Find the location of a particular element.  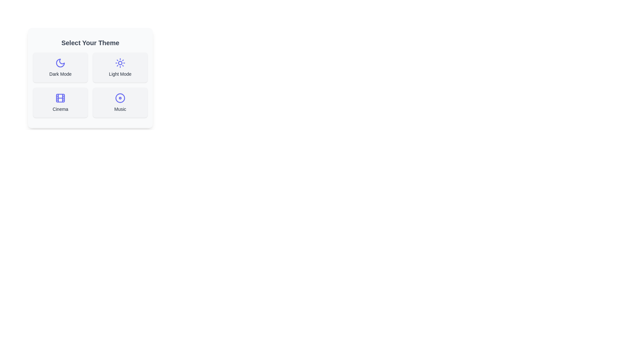

the crescent moon icon for 'Dark Mode' is located at coordinates (60, 63).